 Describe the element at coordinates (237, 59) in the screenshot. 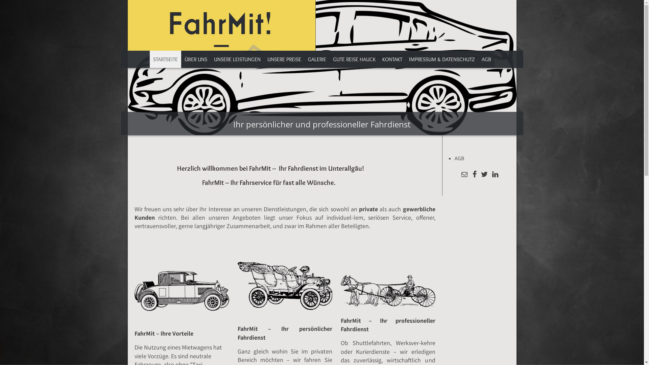

I see `'UNSERE LEISTUNGEN'` at that location.